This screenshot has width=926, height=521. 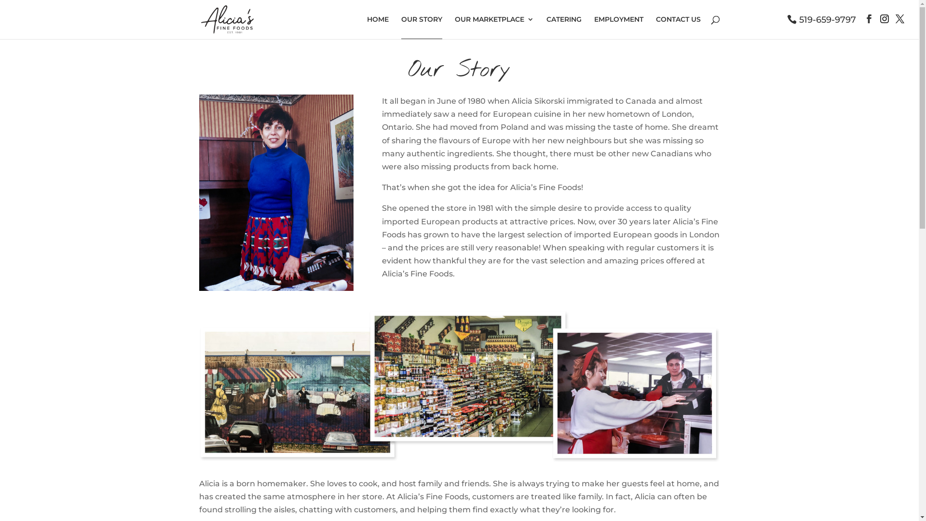 I want to click on 'CATERING', so click(x=546, y=27).